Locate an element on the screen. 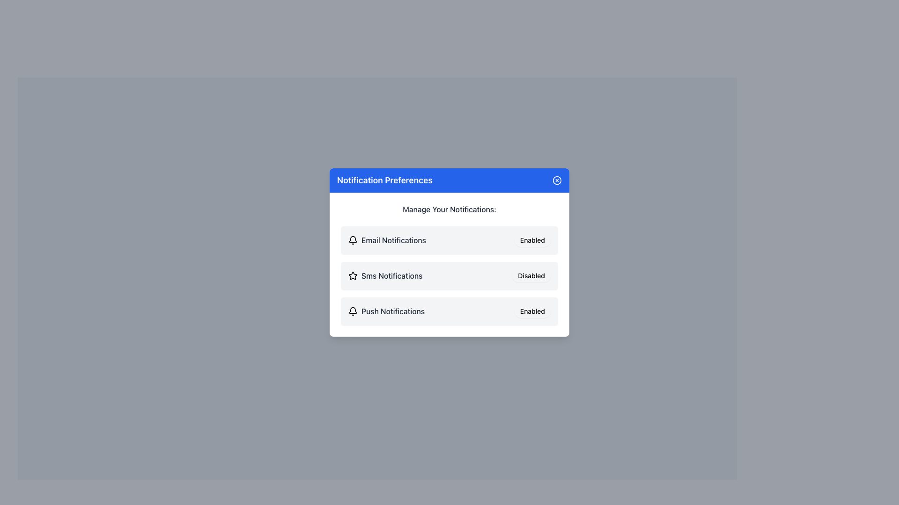 The image size is (899, 505). the toggle buttons within the 'Notification Preferences' modal dialog to change the notification settings is located at coordinates (449, 252).